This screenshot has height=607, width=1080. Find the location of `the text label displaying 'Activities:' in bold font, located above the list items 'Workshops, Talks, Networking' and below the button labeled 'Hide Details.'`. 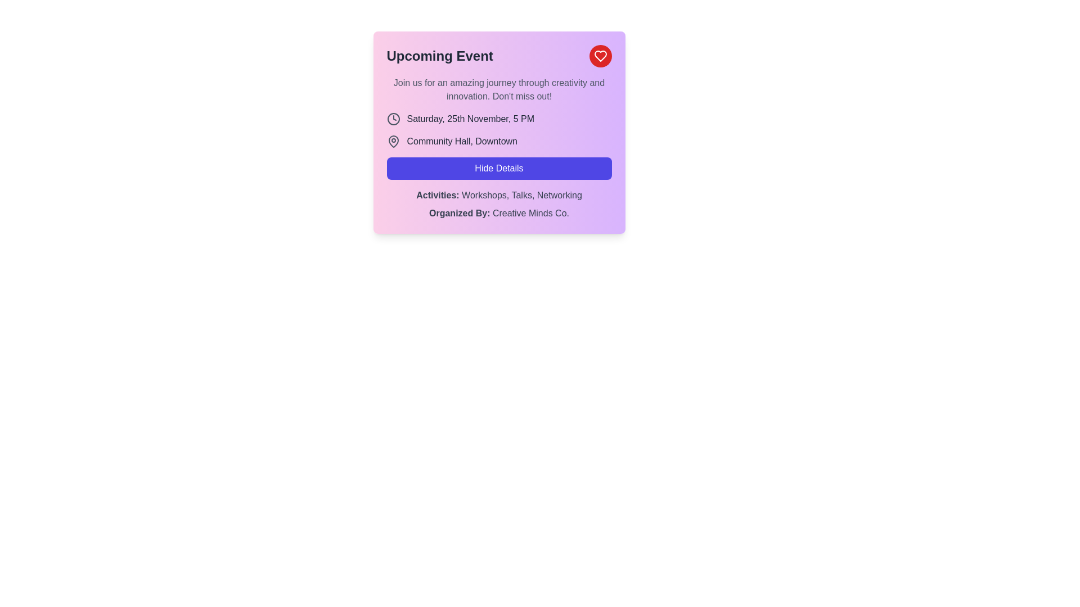

the text label displaying 'Activities:' in bold font, located above the list items 'Workshops, Talks, Networking' and below the button labeled 'Hide Details.' is located at coordinates (437, 194).